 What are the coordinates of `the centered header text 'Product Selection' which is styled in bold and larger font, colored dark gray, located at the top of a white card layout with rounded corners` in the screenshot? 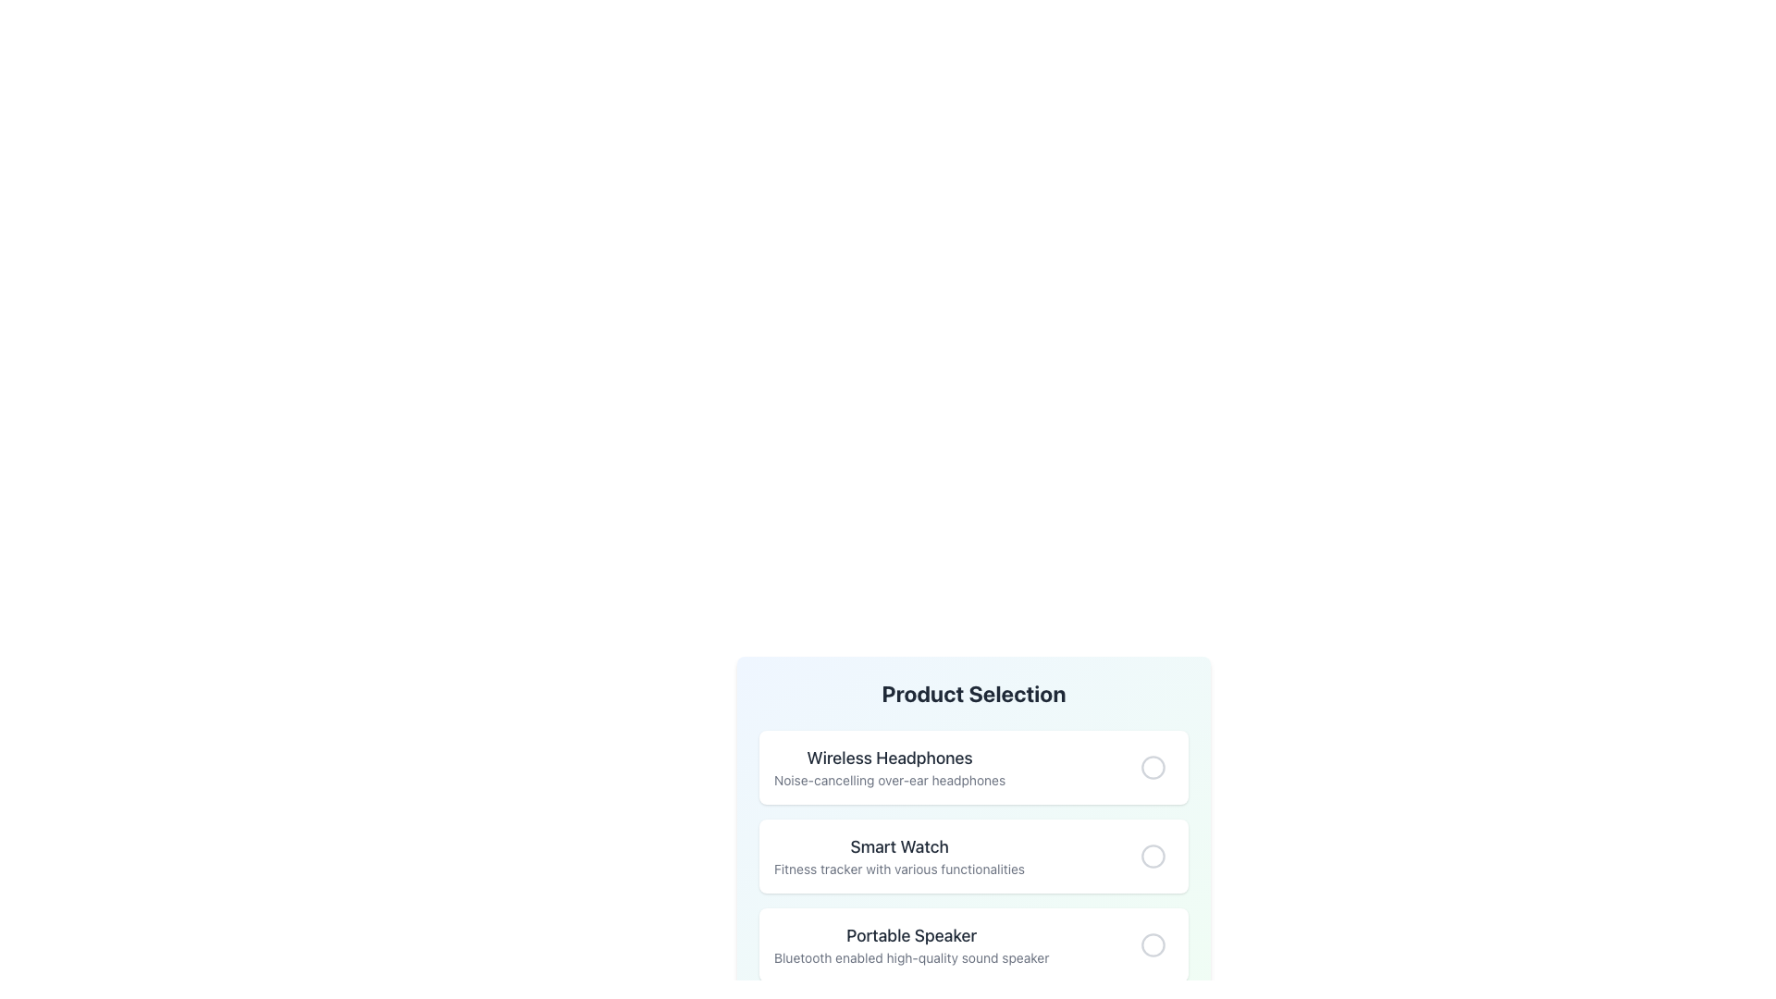 It's located at (972, 693).